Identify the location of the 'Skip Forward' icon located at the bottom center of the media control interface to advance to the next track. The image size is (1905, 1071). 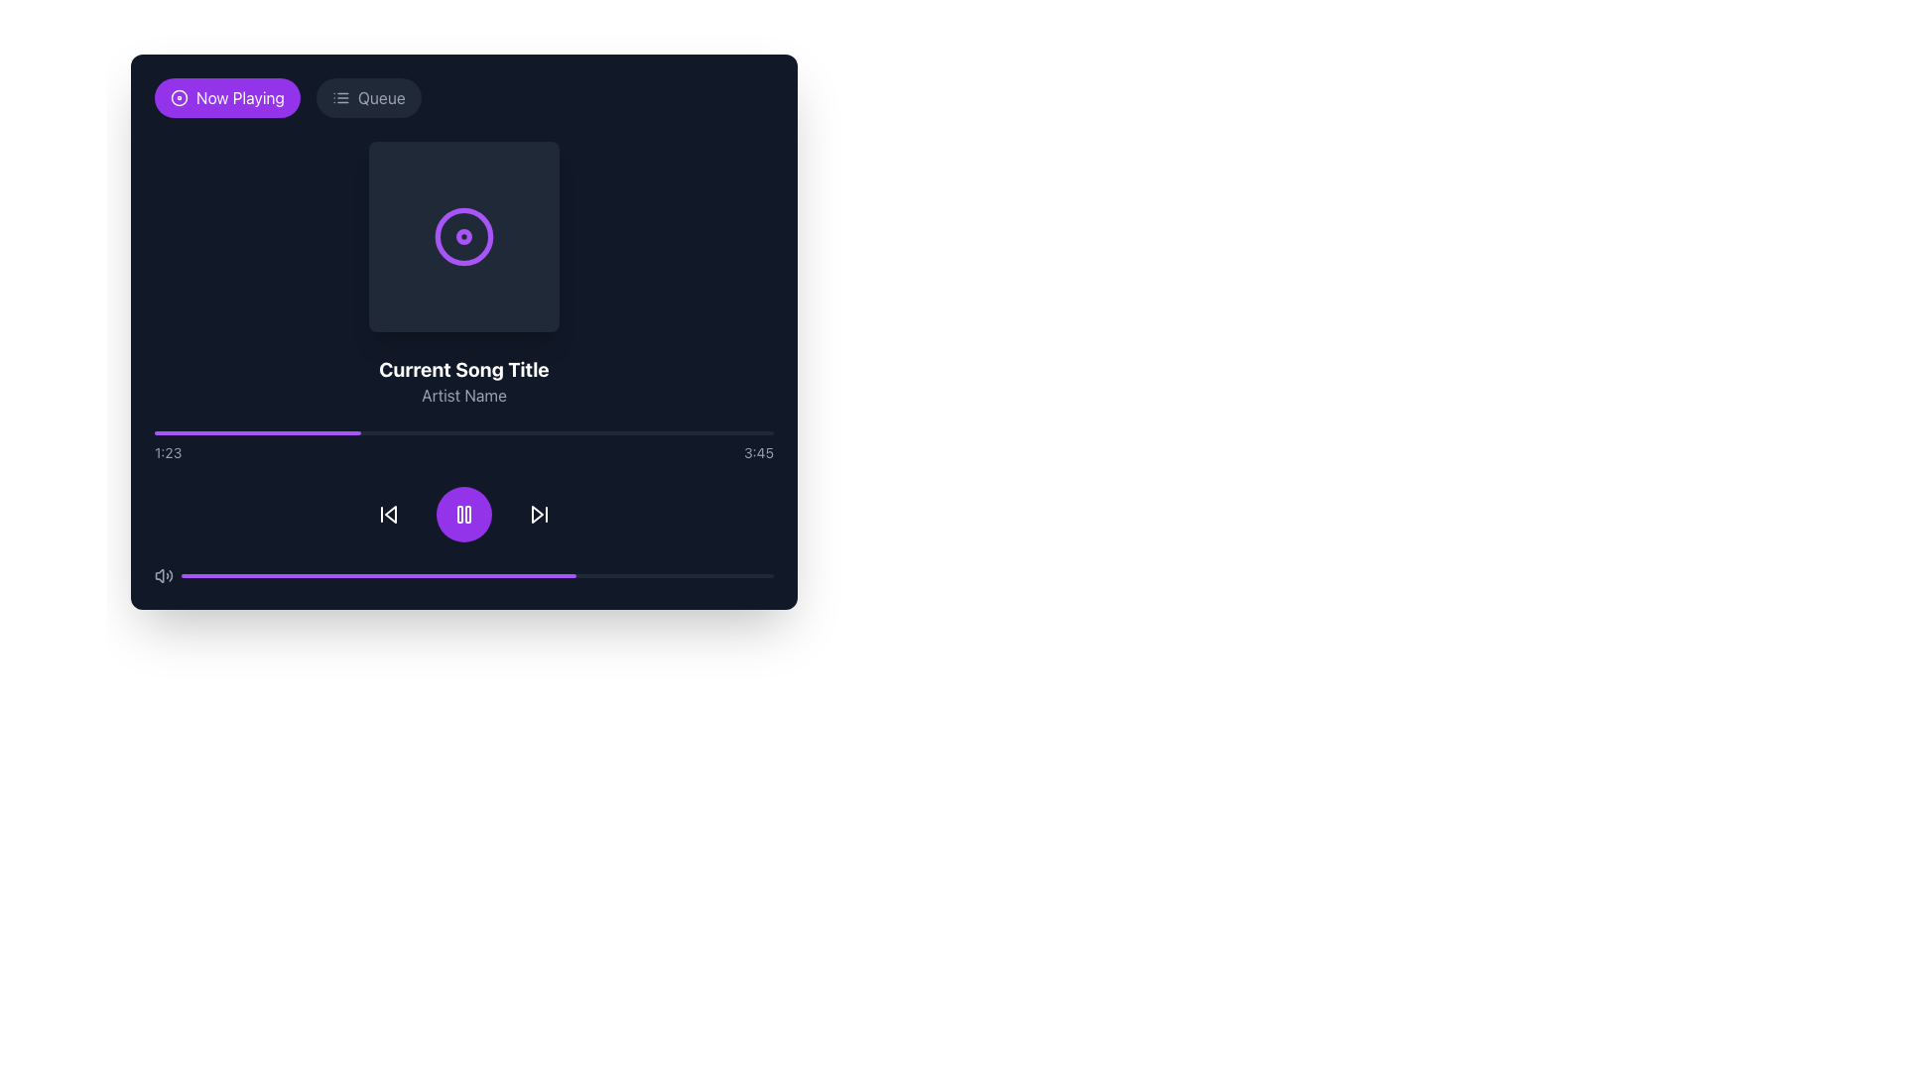
(538, 514).